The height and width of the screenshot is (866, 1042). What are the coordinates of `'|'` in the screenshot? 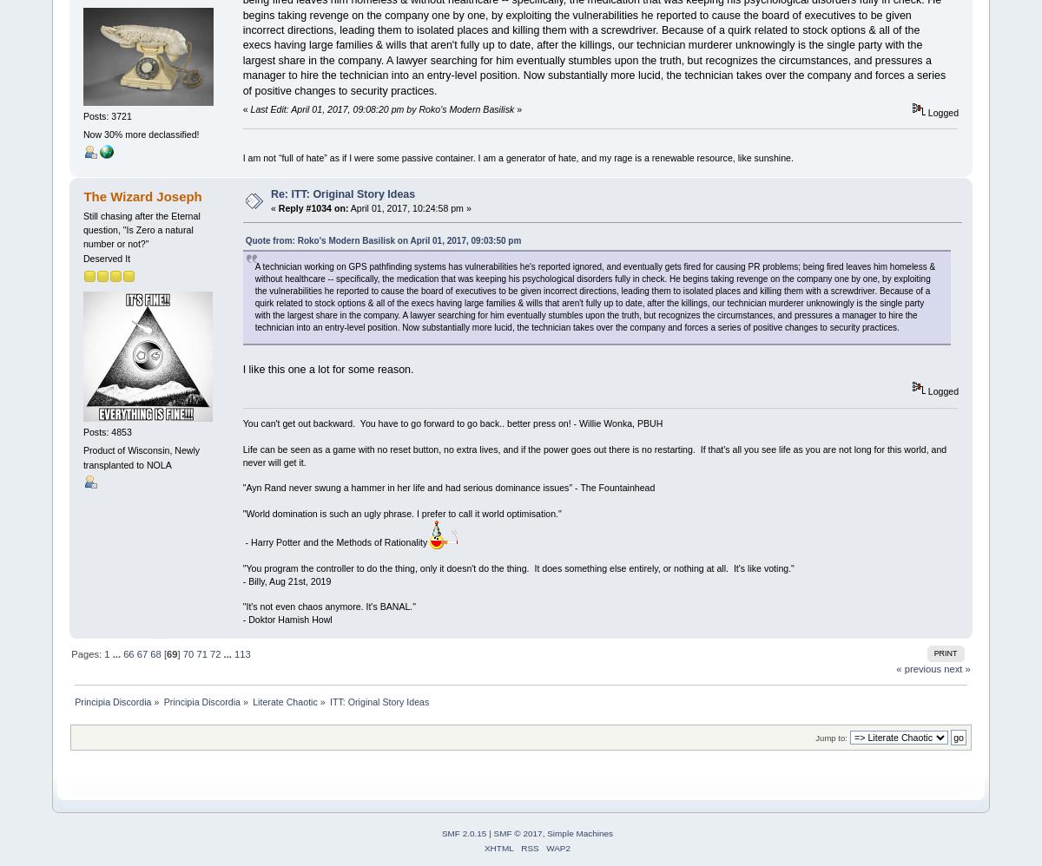 It's located at (489, 831).